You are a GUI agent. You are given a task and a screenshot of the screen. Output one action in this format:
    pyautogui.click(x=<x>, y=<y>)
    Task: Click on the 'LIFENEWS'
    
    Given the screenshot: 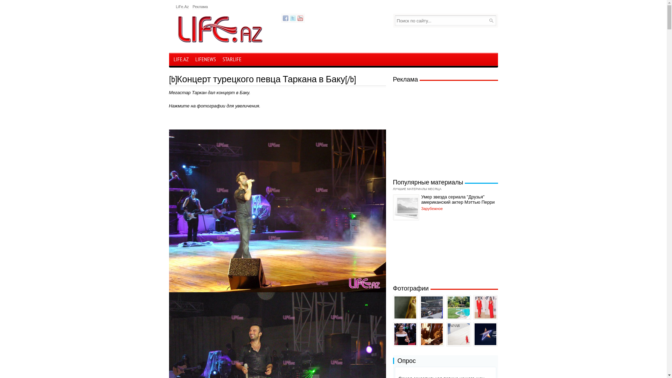 What is the action you would take?
    pyautogui.click(x=205, y=60)
    